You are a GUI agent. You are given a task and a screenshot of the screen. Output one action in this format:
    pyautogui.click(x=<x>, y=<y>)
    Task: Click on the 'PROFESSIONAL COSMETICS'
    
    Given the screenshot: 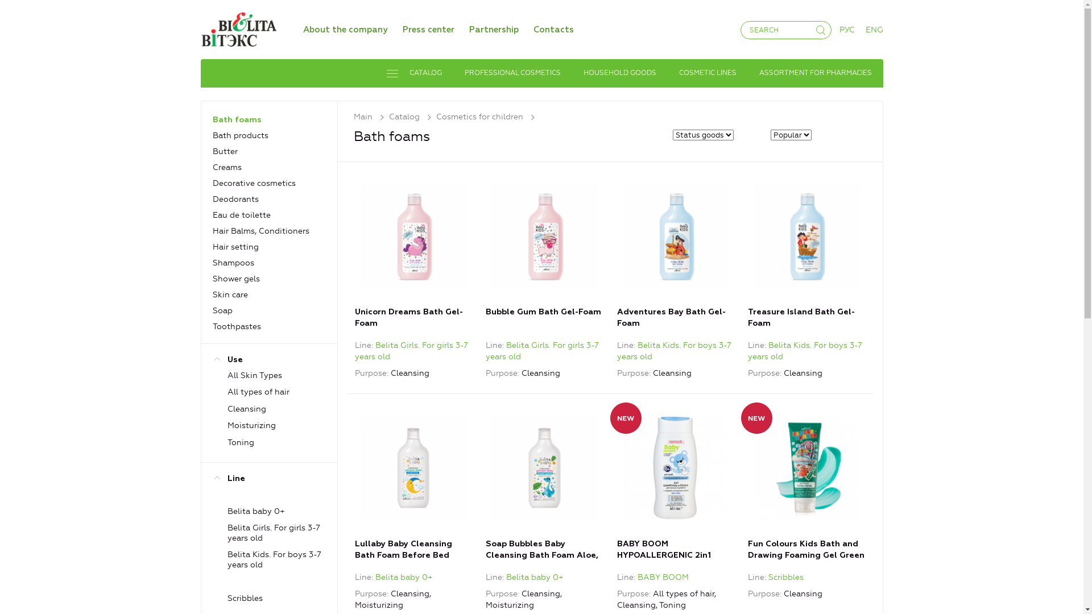 What is the action you would take?
    pyautogui.click(x=511, y=73)
    